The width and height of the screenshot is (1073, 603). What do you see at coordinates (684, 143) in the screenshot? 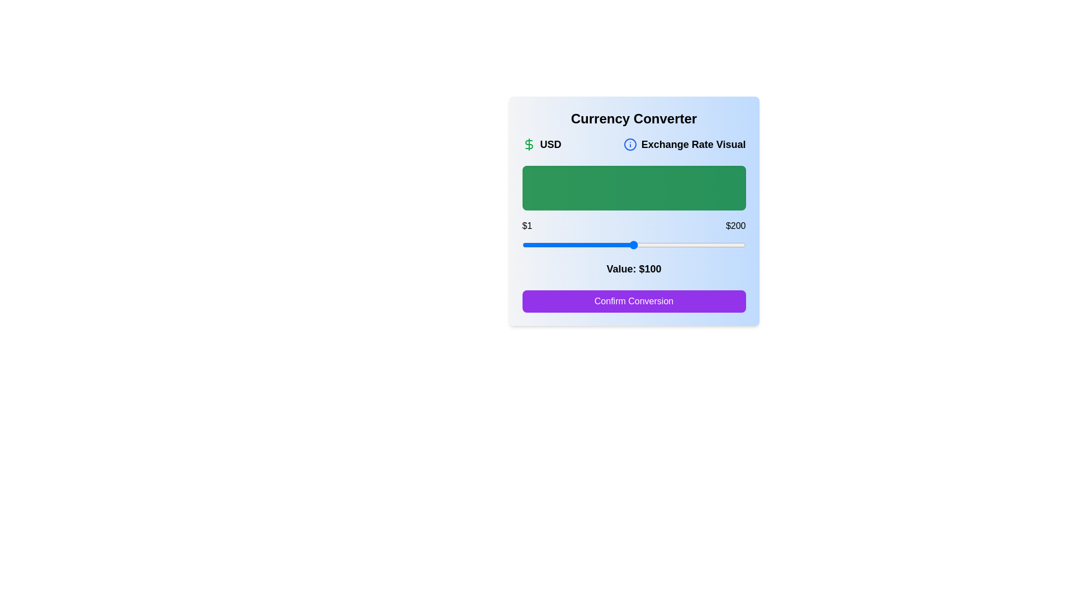
I see `the text element Exchange Rate Visual within the component` at bounding box center [684, 143].